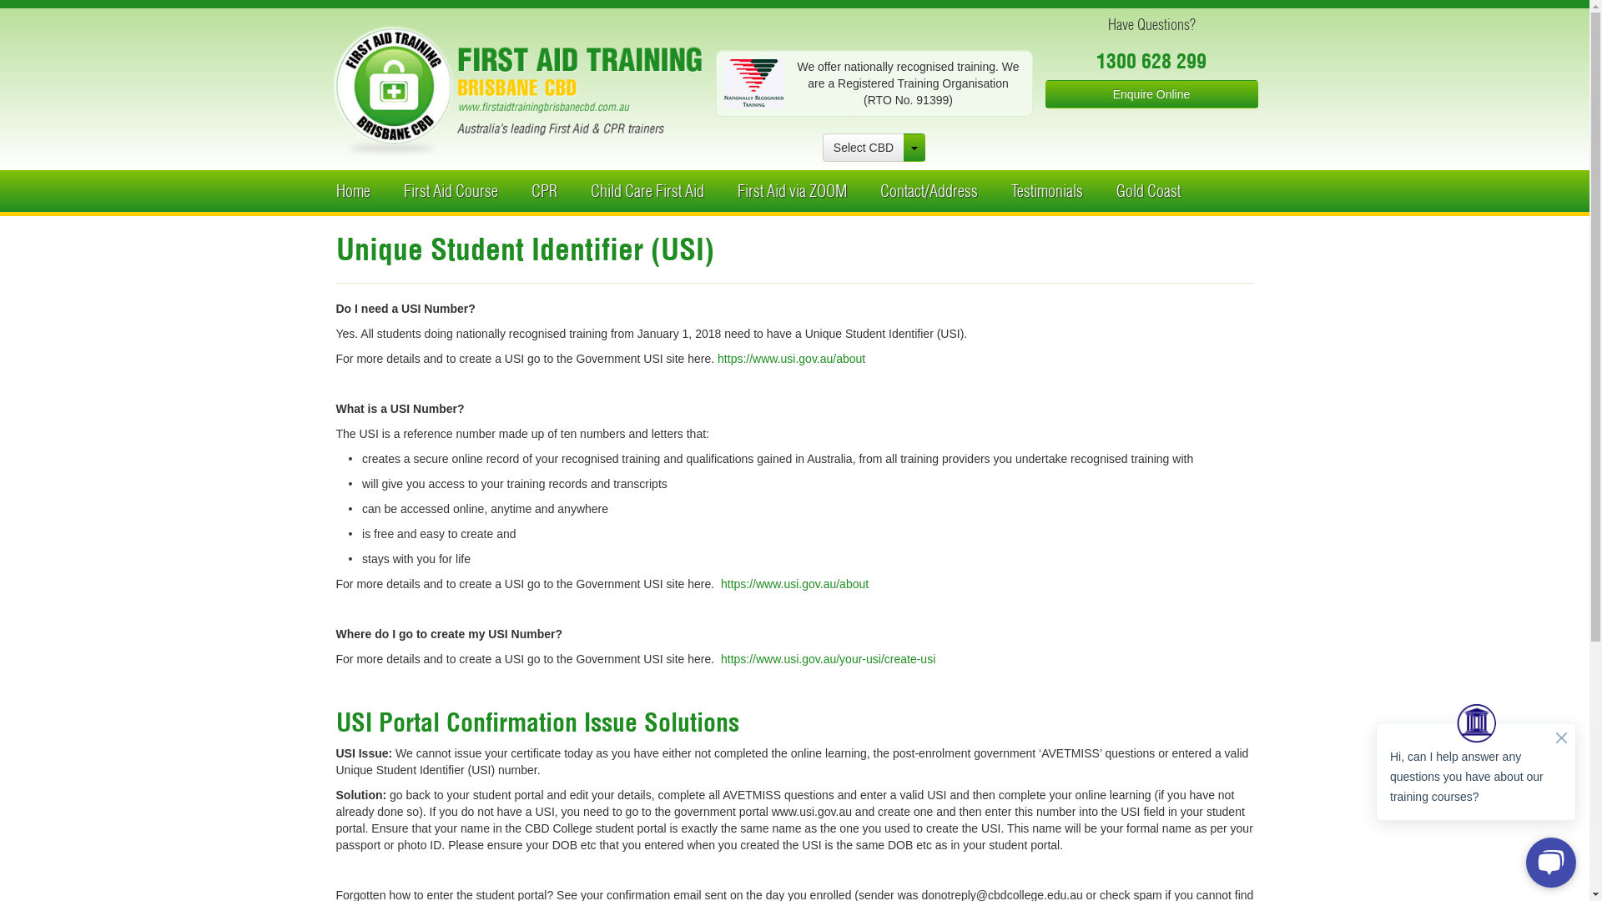  Describe the element at coordinates (1045, 189) in the screenshot. I see `'Testimonials'` at that location.